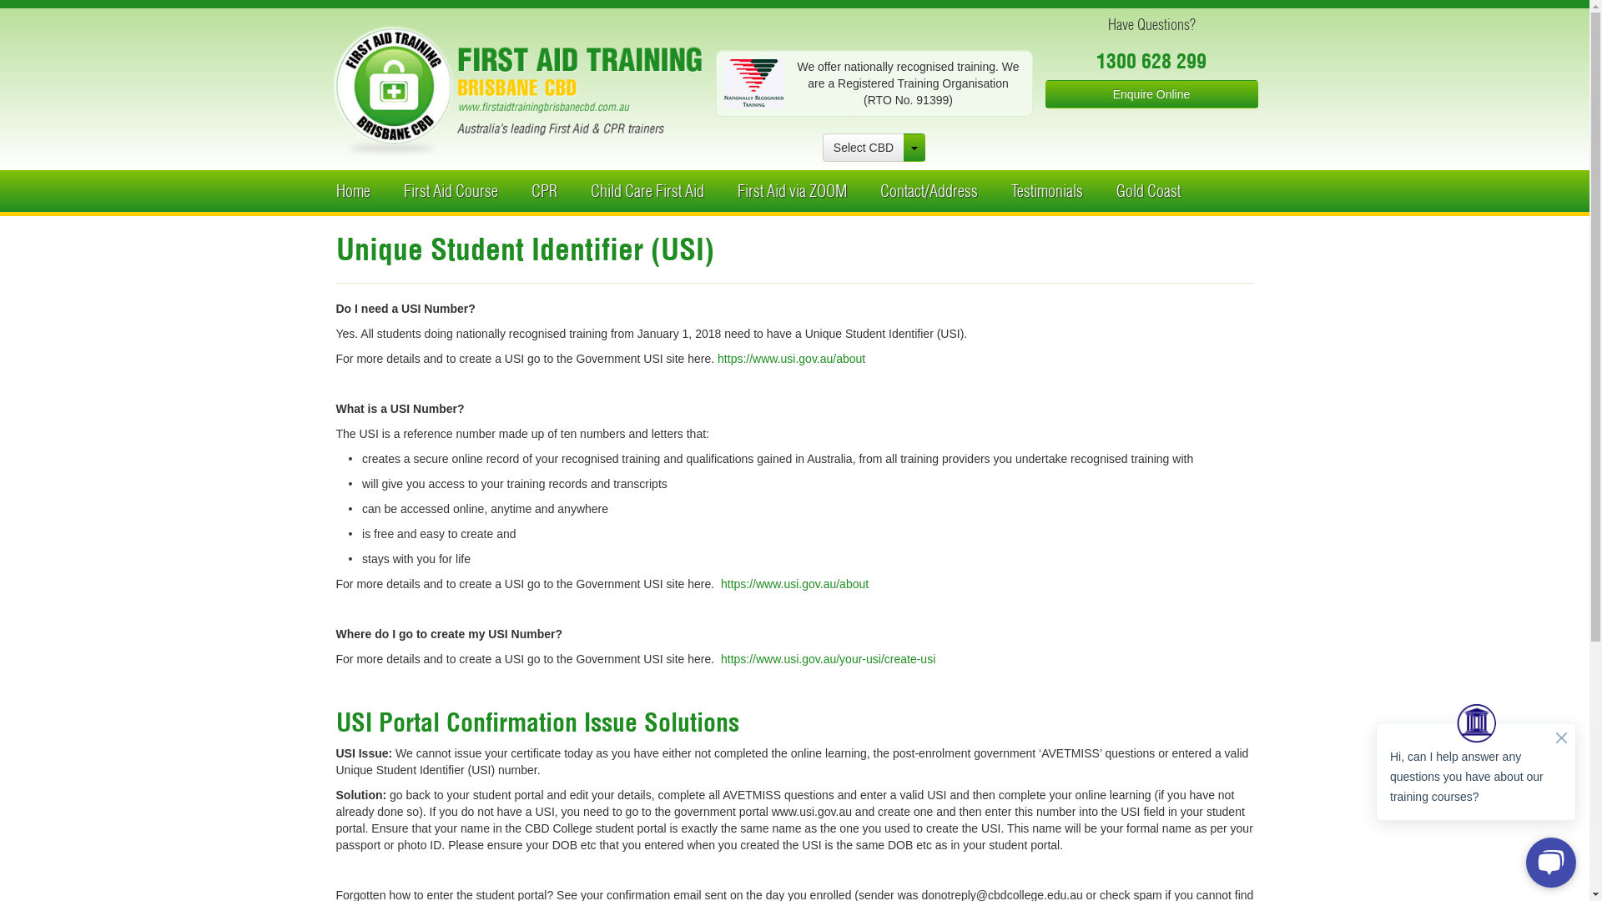  Describe the element at coordinates (1045, 189) in the screenshot. I see `'Testimonials'` at that location.